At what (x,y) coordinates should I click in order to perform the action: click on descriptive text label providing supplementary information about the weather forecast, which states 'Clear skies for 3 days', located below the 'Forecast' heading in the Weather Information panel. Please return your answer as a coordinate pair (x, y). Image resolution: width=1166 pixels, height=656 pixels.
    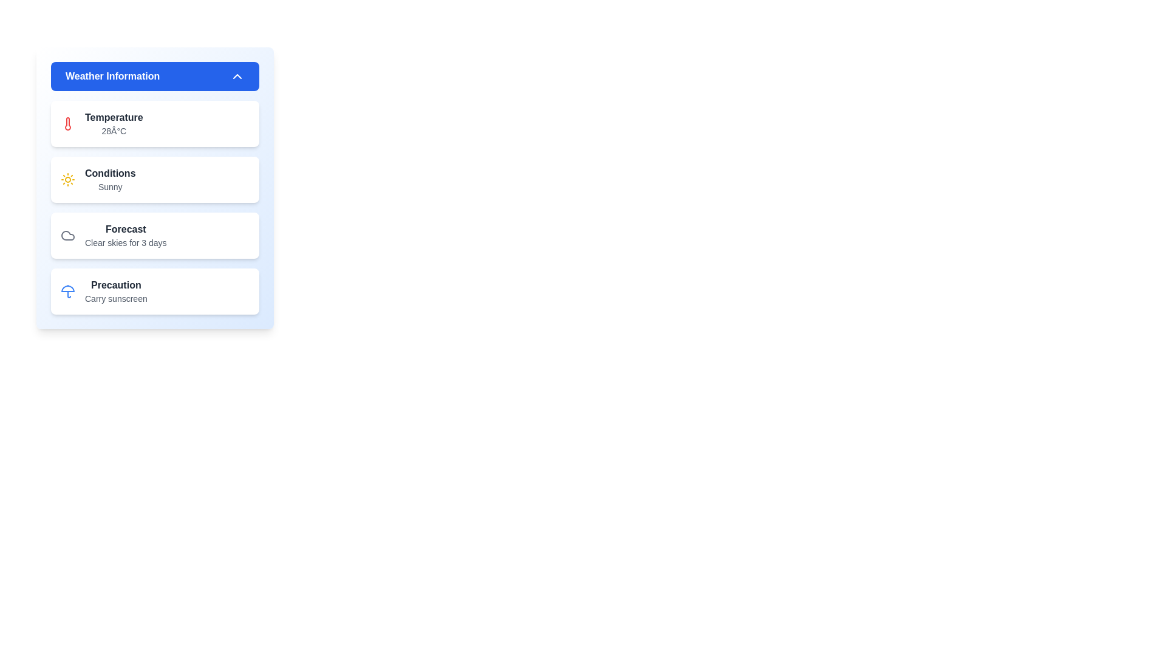
    Looking at the image, I should click on (126, 243).